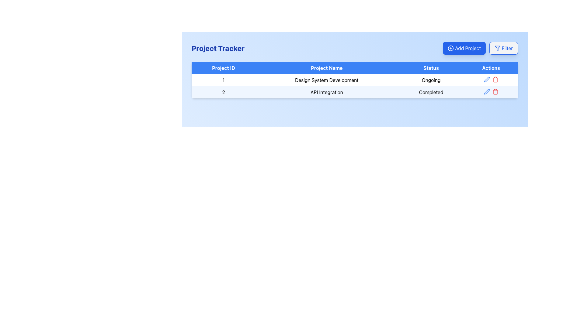  Describe the element at coordinates (326, 92) in the screenshot. I see `the static text label indicating the project name in the second row of the table with Project ID 2` at that location.